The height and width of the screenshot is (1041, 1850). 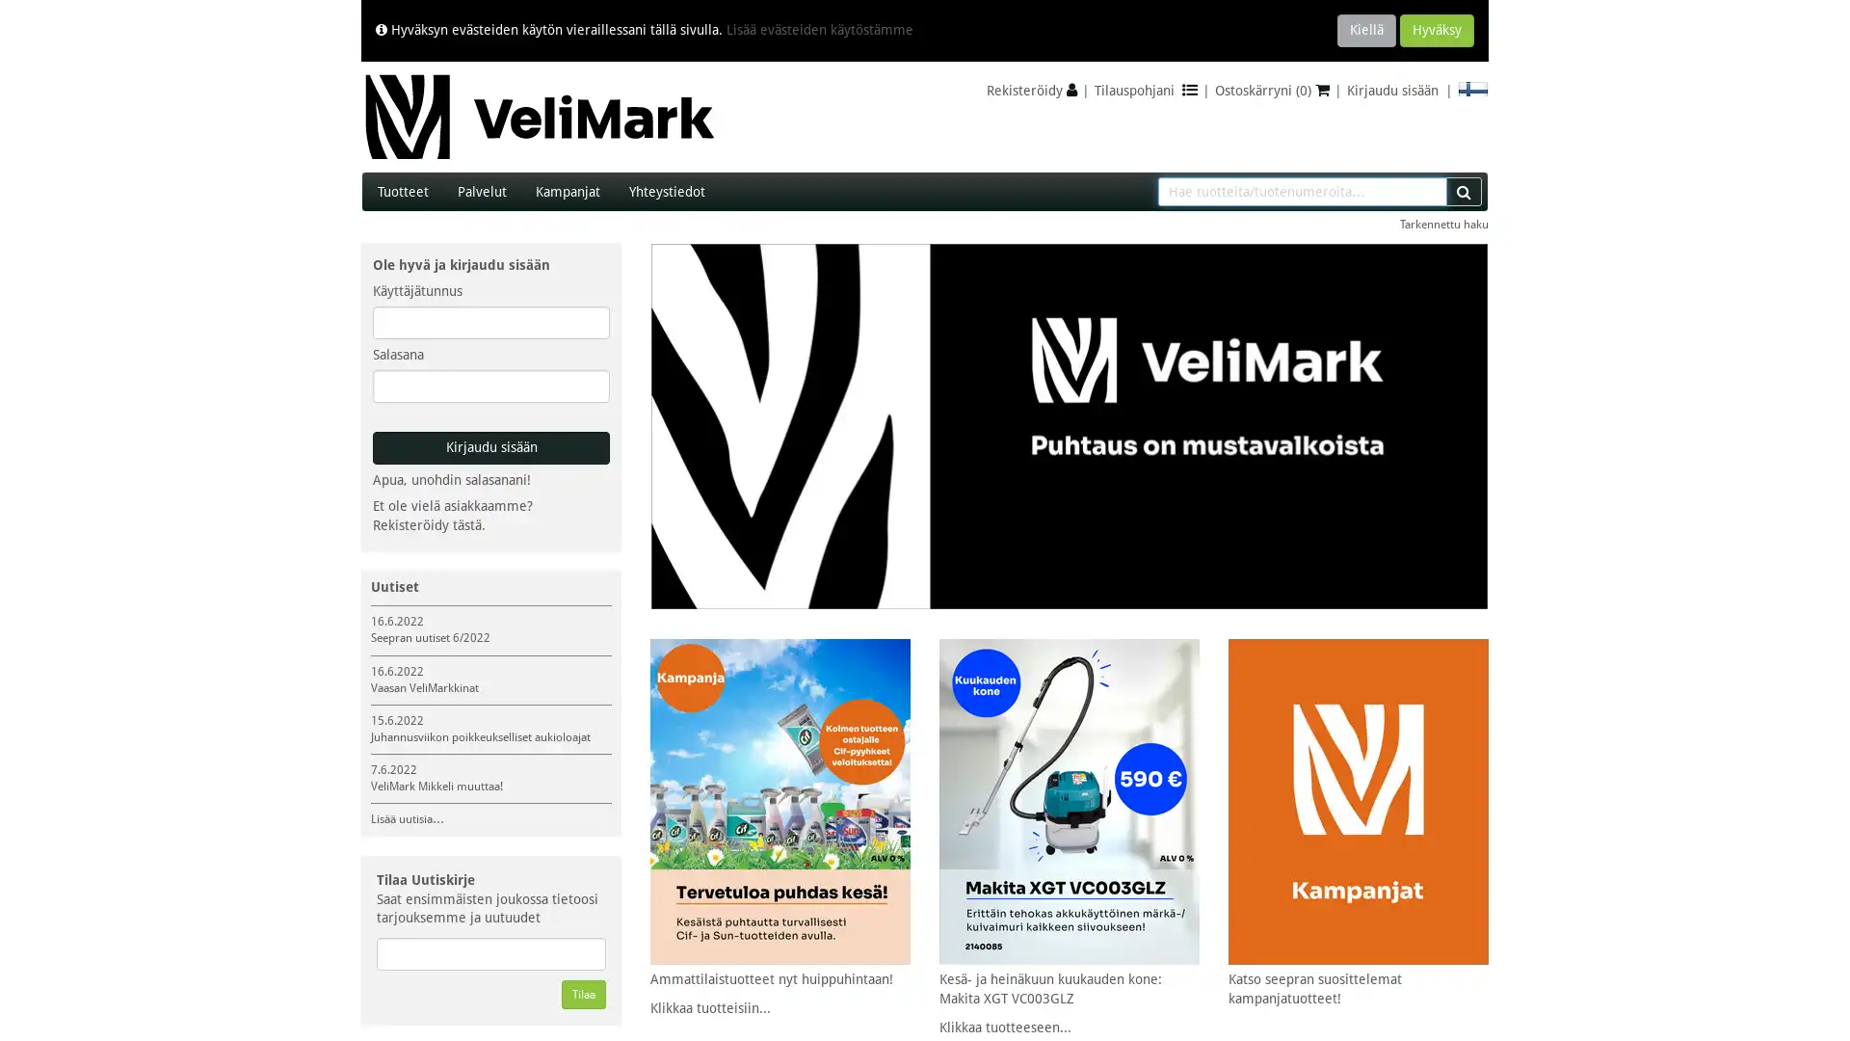 What do you see at coordinates (582, 995) in the screenshot?
I see `Tilaa` at bounding box center [582, 995].